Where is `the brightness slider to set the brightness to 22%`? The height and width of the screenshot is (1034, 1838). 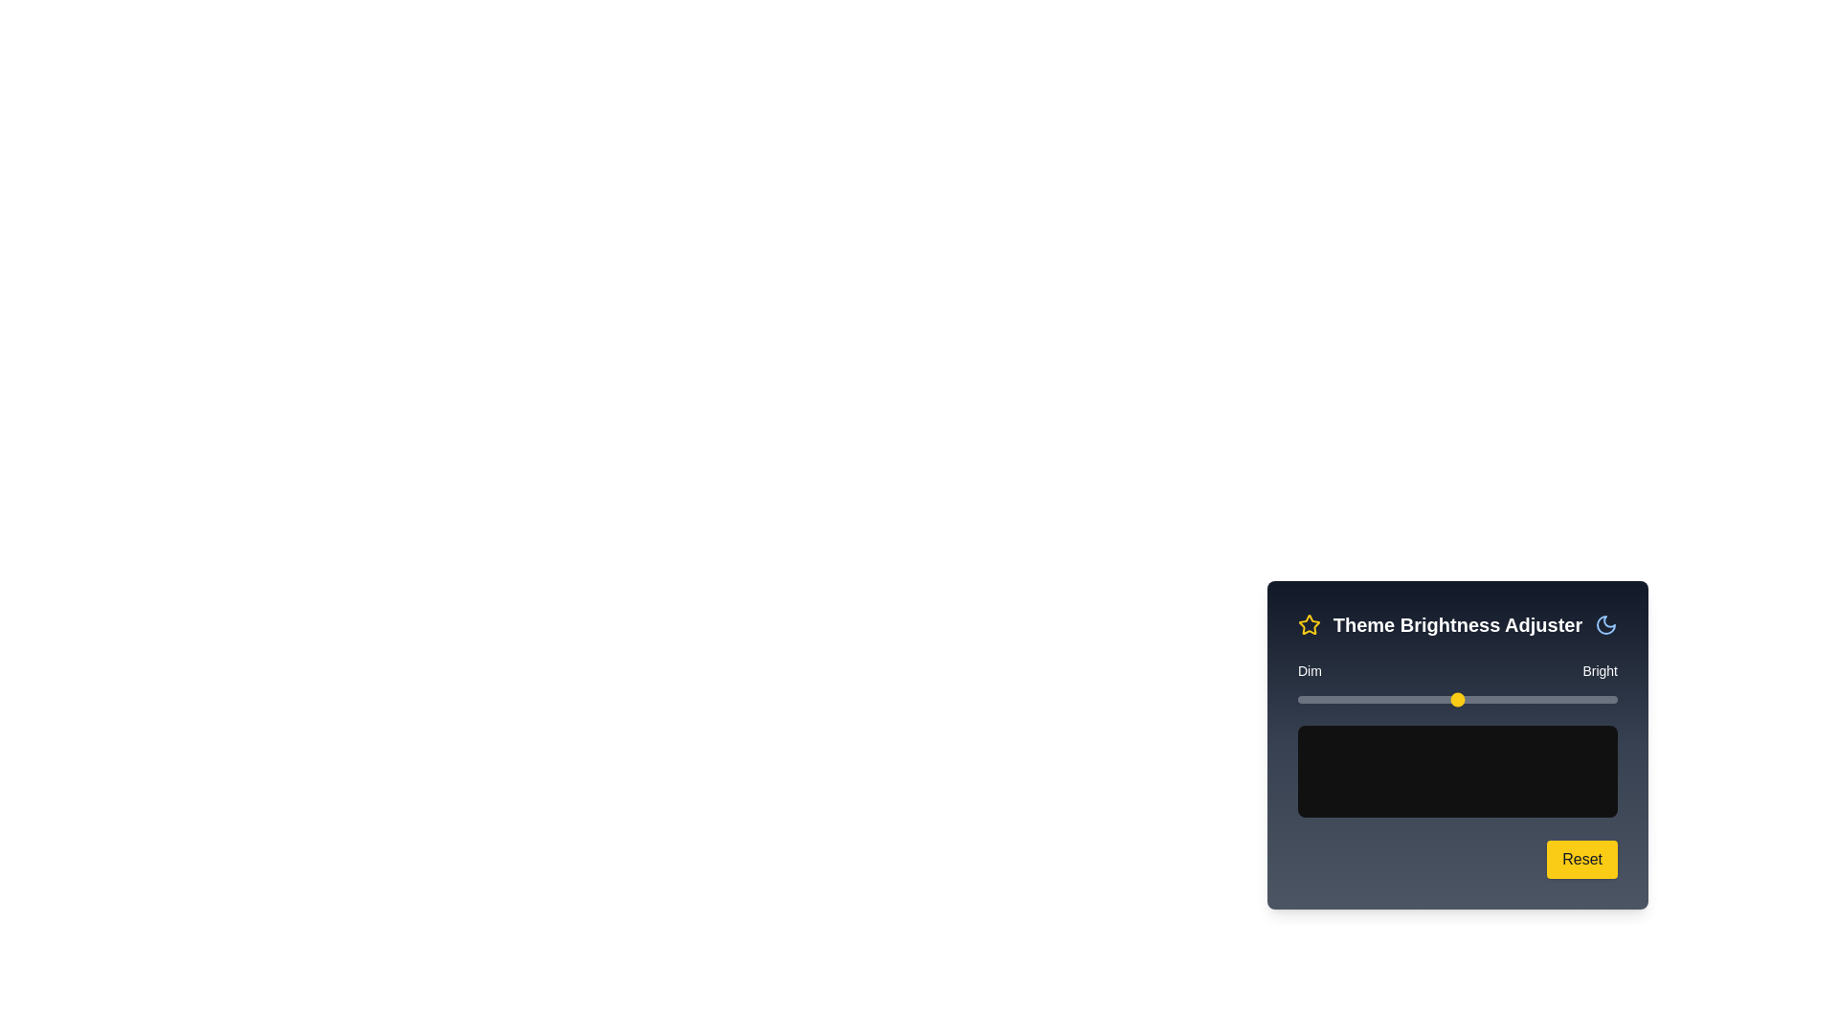
the brightness slider to set the brightness to 22% is located at coordinates (1367, 700).